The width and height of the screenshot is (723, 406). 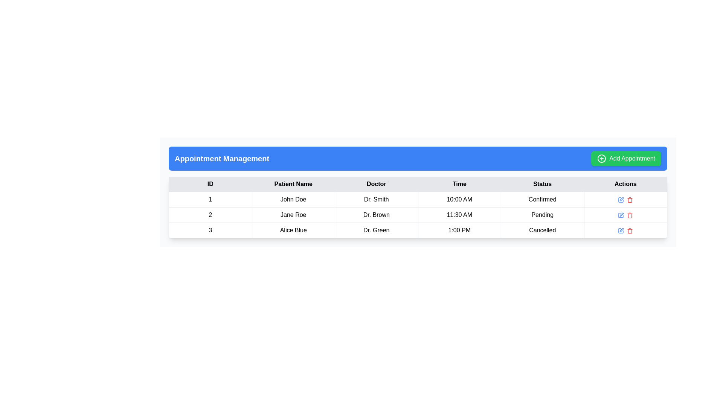 What do you see at coordinates (542, 215) in the screenshot?
I see `the text element displaying 'Pending' in the Status column of the second row, corresponding to patient Jane Roe and doctor Dr. Brown` at bounding box center [542, 215].